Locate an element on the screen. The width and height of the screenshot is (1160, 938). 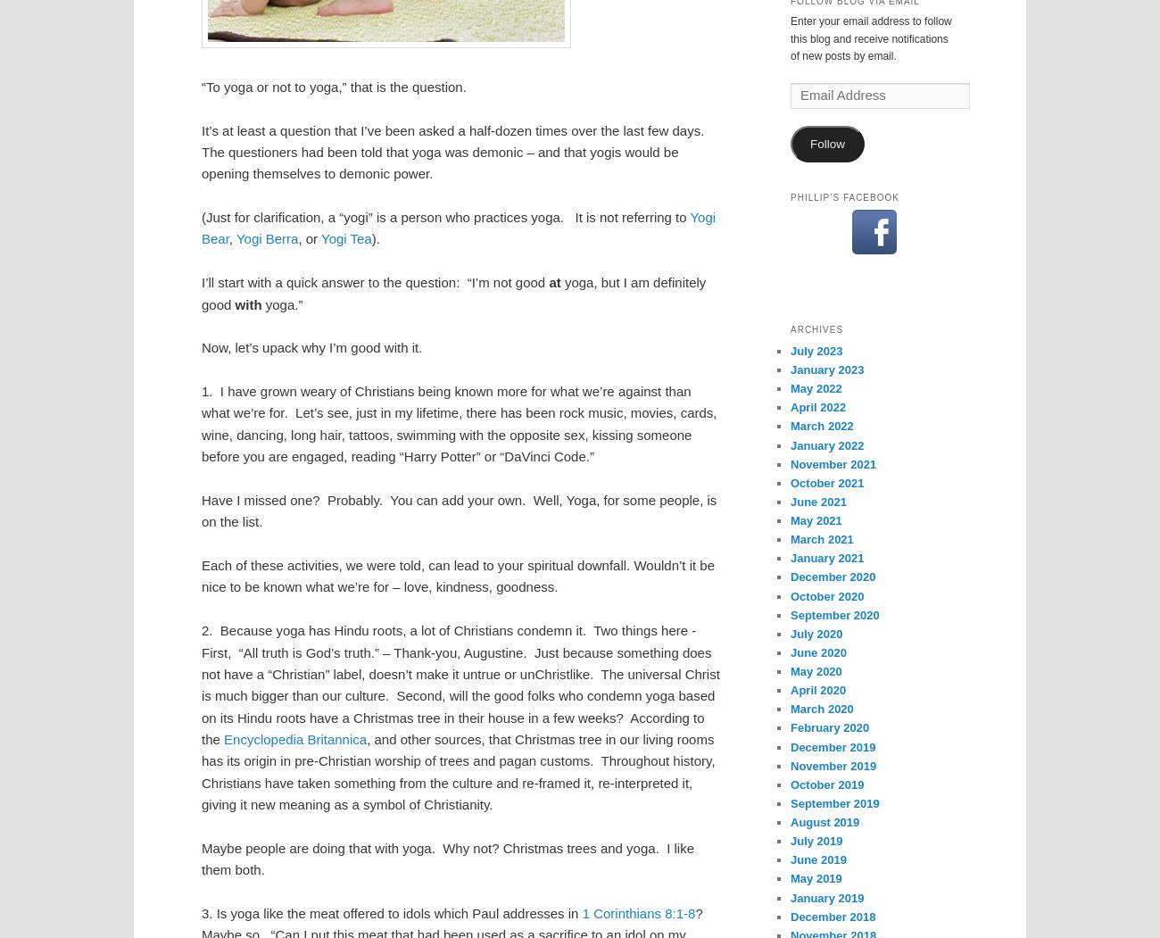
'March 2020' is located at coordinates (821, 708).